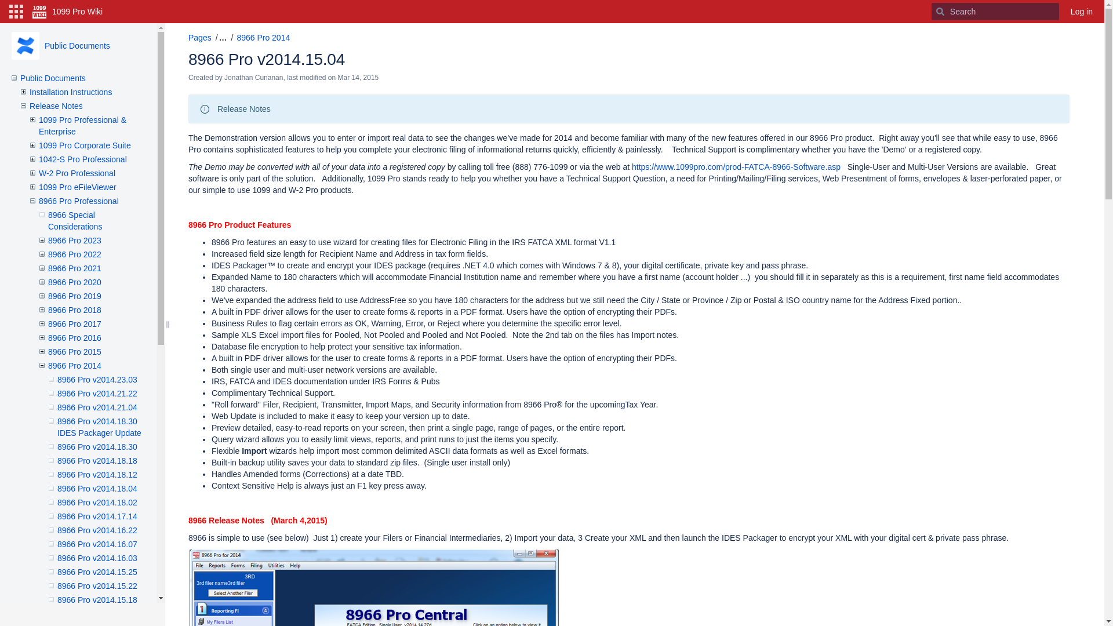  Describe the element at coordinates (74, 366) in the screenshot. I see `'8966 Pro 2014'` at that location.